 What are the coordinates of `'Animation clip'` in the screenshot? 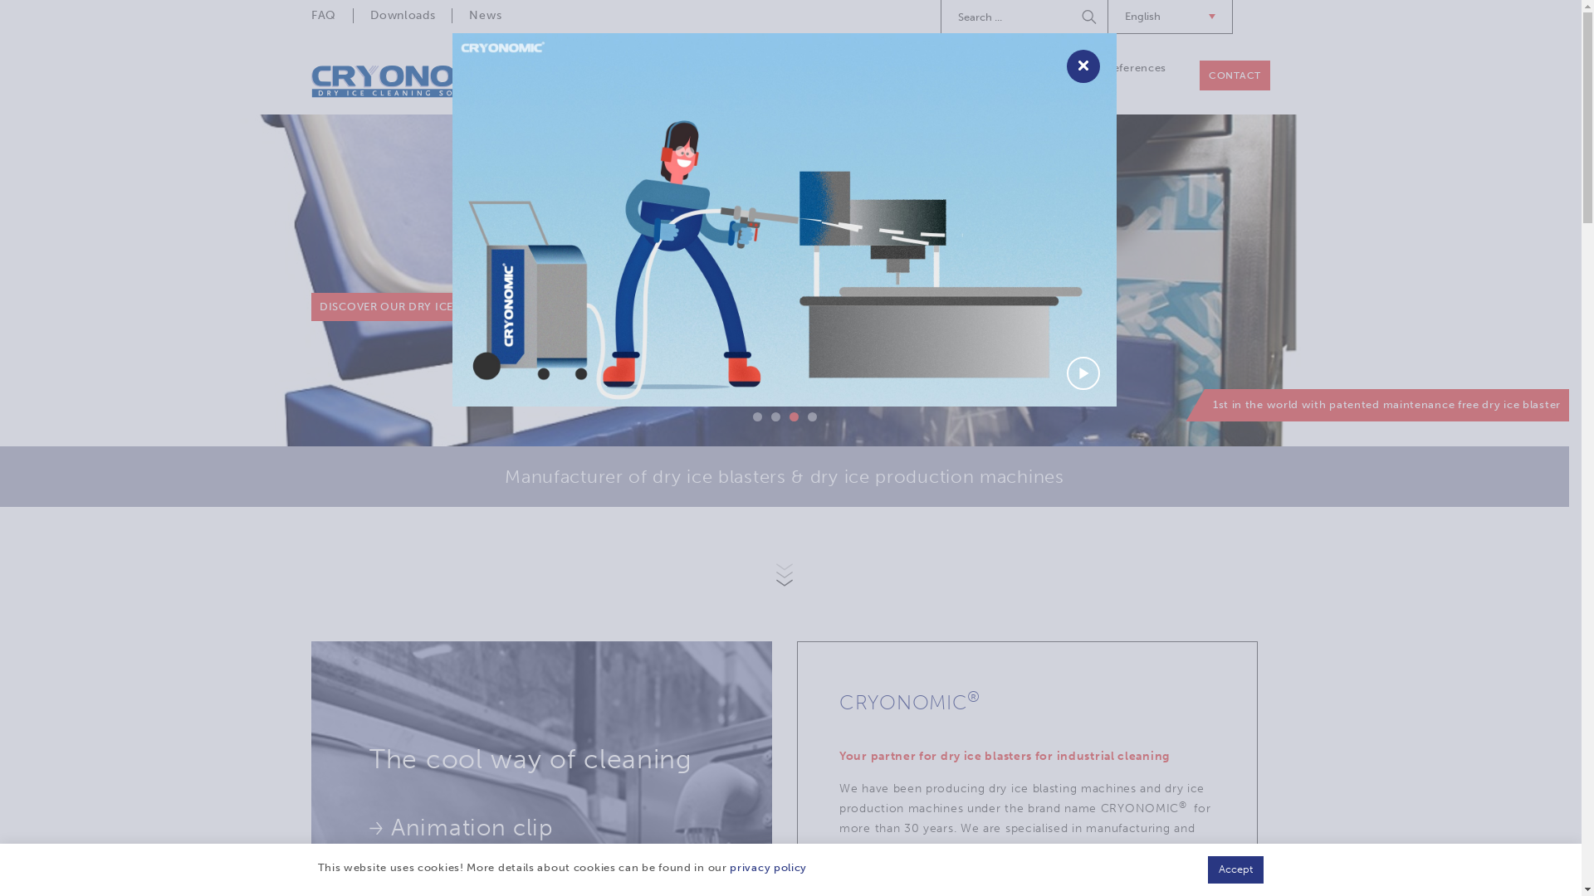 It's located at (369, 828).